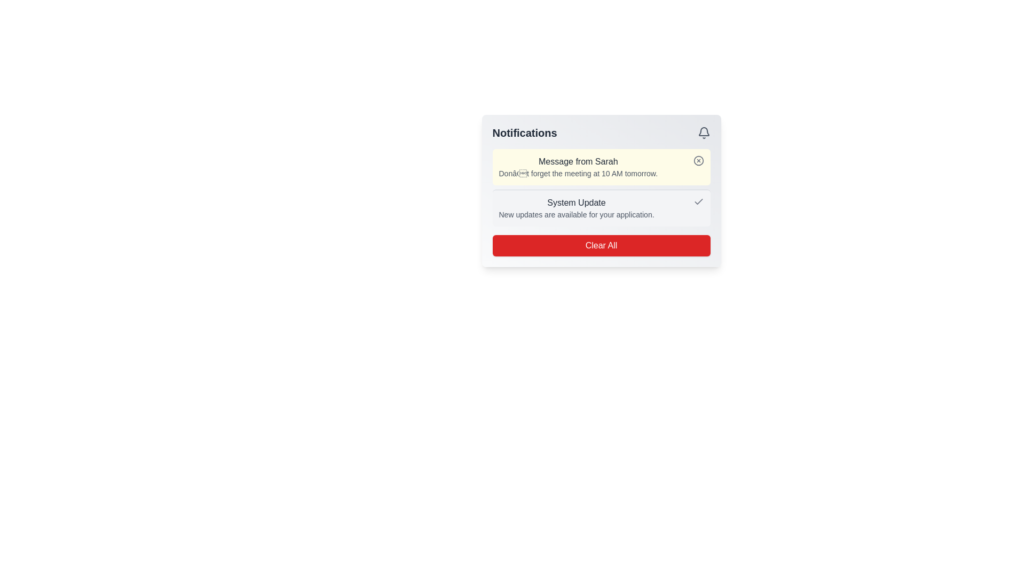 This screenshot has width=1025, height=577. Describe the element at coordinates (601, 167) in the screenshot. I see `message content of the notification card titled 'Message from Sarah' which contains the text 'Don’t forget the meeting at 10 AM tomorrow.'` at that location.